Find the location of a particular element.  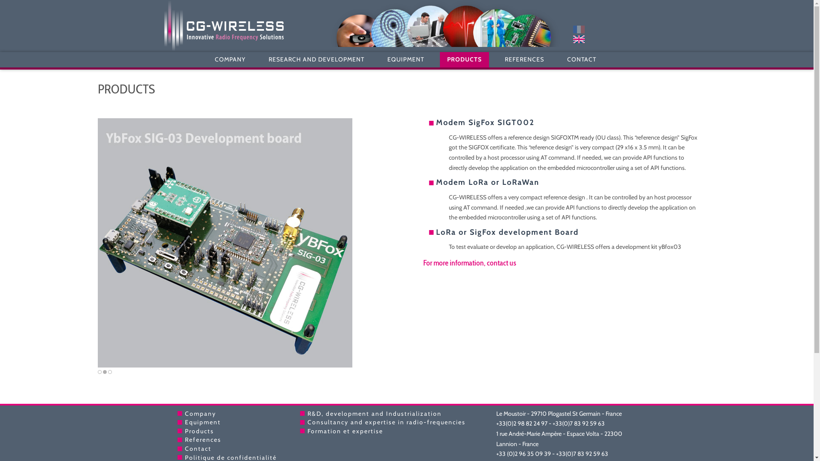

'References' is located at coordinates (184, 439).